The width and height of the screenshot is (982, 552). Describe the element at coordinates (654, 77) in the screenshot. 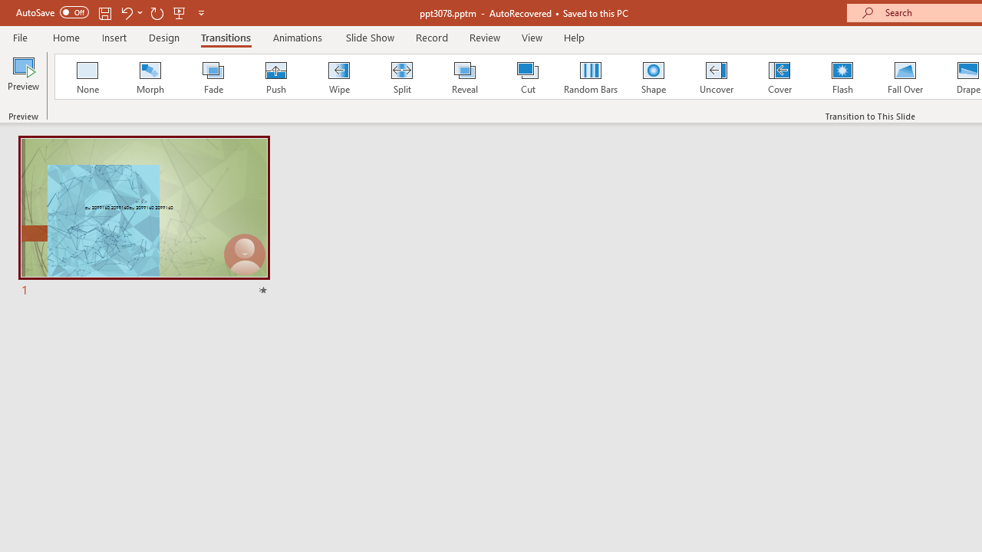

I see `'Shape'` at that location.